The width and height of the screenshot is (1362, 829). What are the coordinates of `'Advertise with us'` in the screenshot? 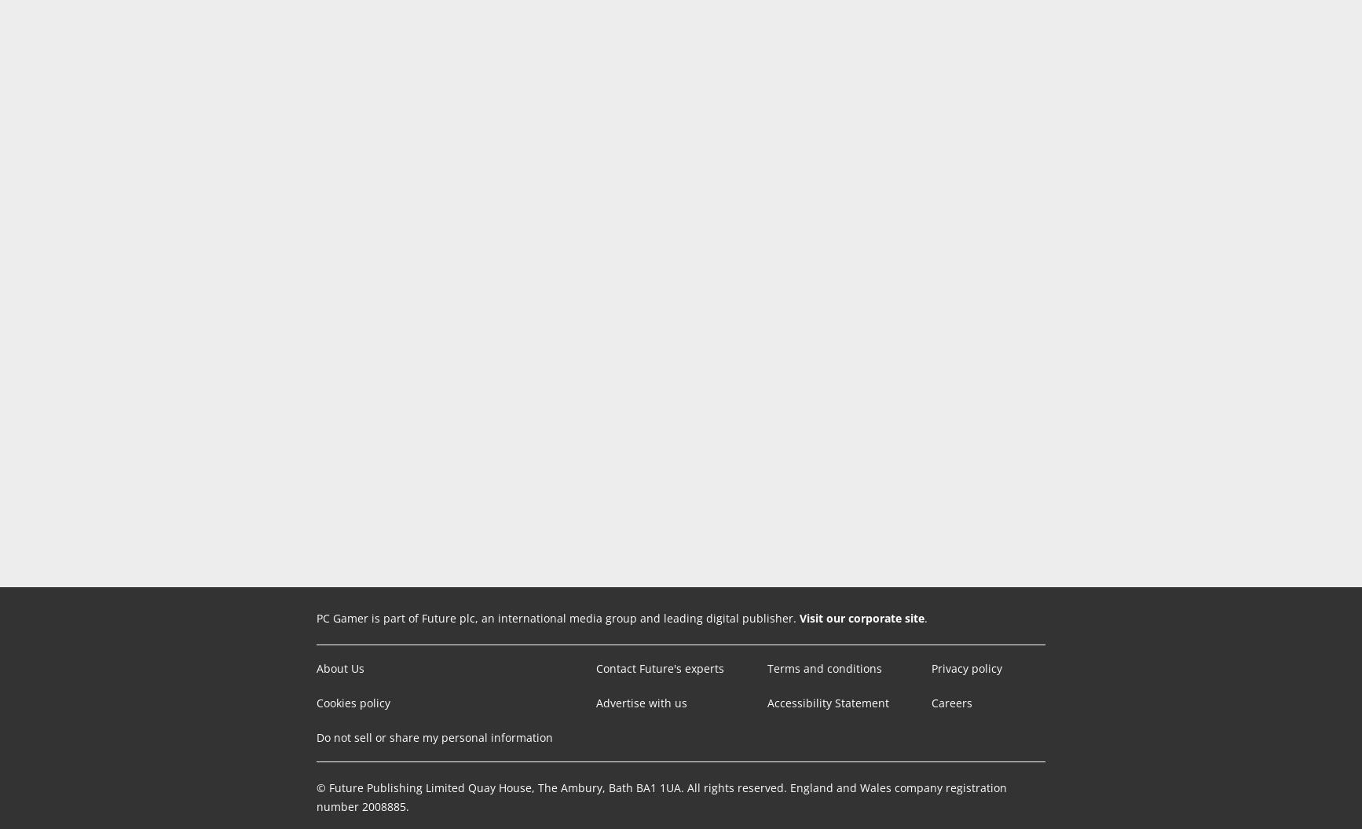 It's located at (640, 702).